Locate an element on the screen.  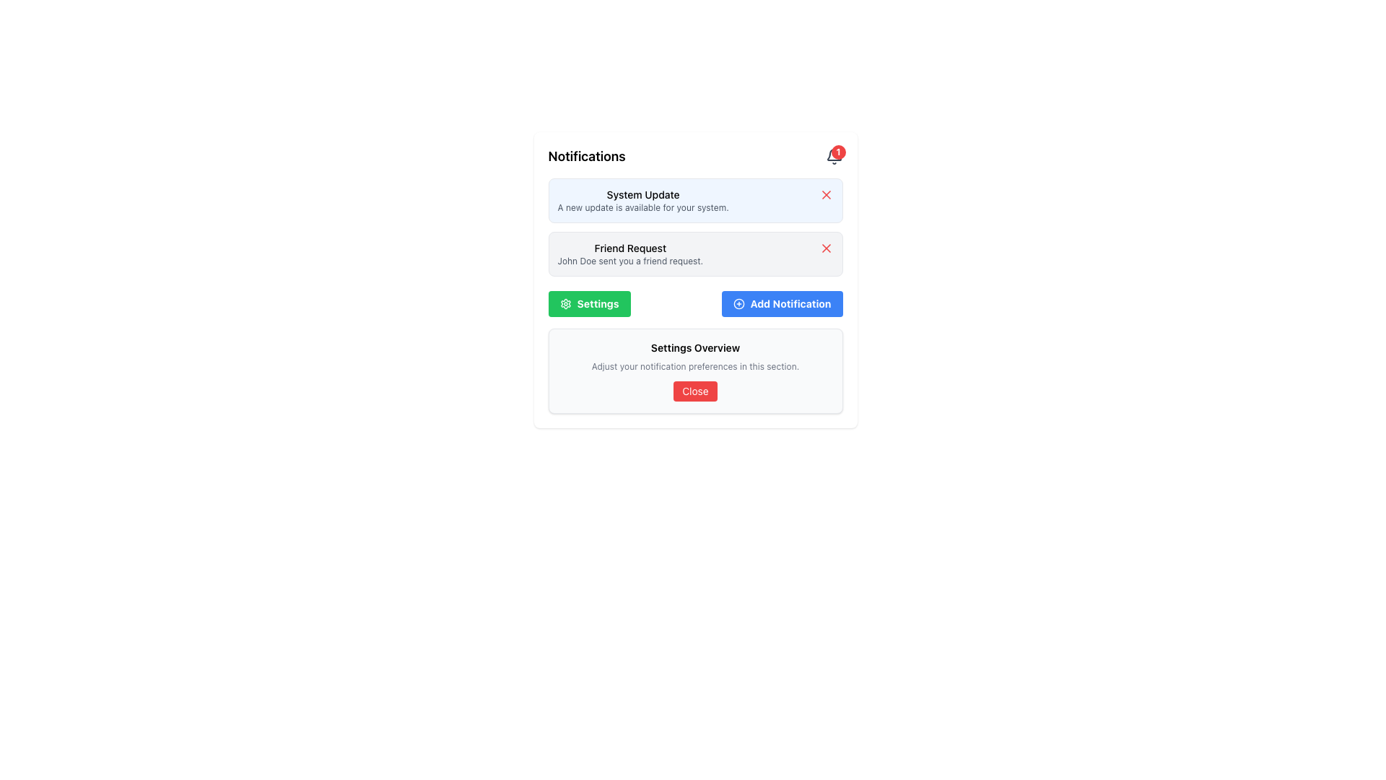
the settings SVG icon located inside the green button labeled 'Settings' in the second row of the notification panel is located at coordinates (565, 303).